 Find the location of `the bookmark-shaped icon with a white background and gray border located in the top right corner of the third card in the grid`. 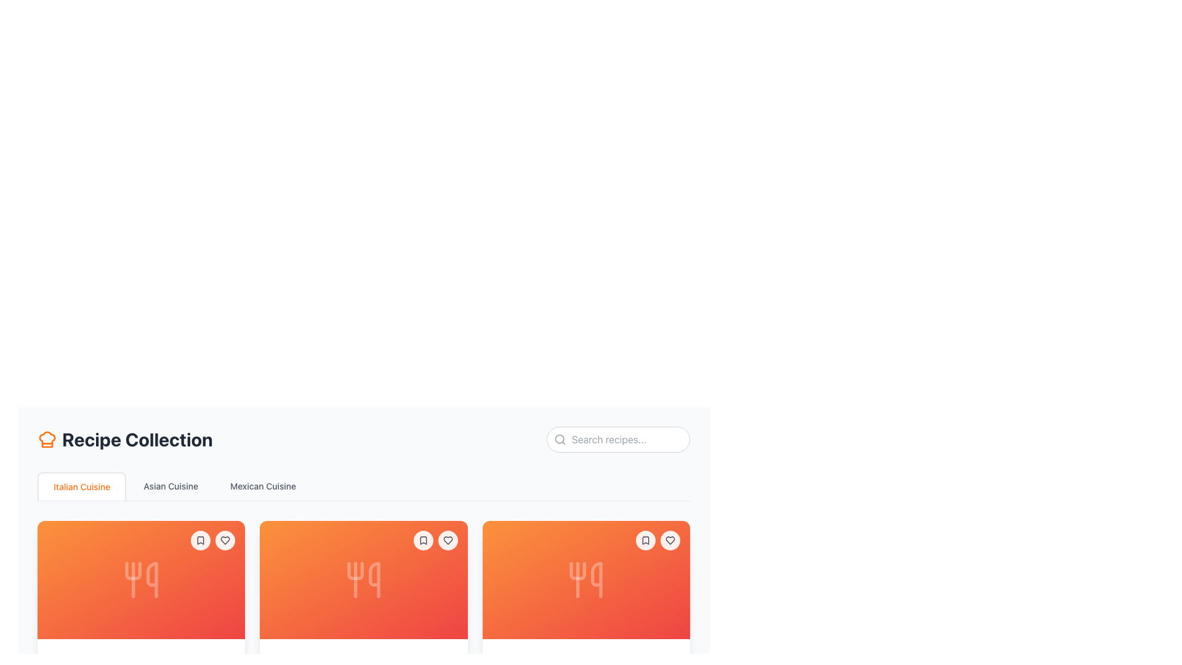

the bookmark-shaped icon with a white background and gray border located in the top right corner of the third card in the grid is located at coordinates (645, 540).